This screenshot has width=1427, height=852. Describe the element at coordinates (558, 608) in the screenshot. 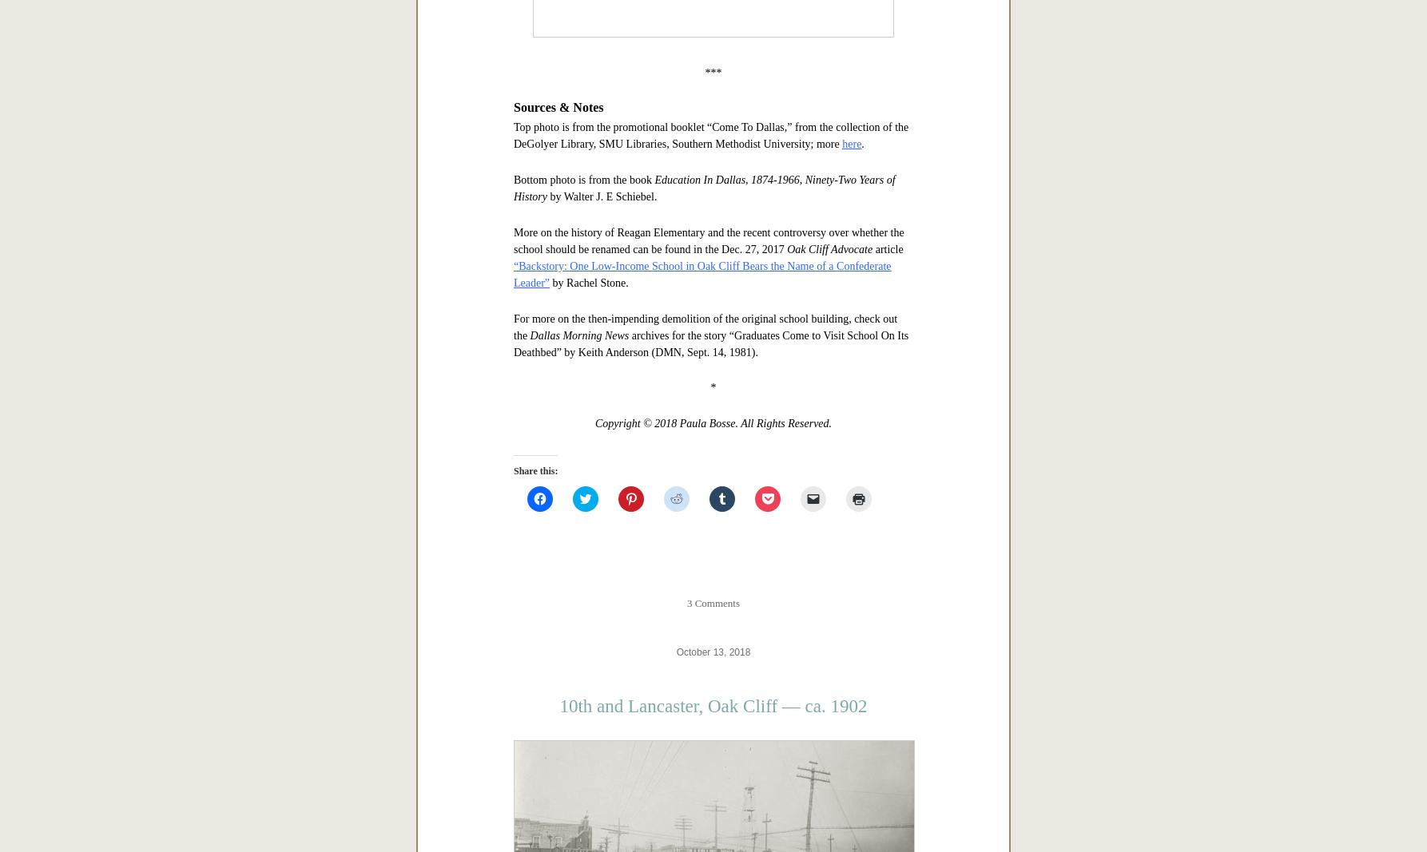

I see `'Sources & Notes'` at that location.